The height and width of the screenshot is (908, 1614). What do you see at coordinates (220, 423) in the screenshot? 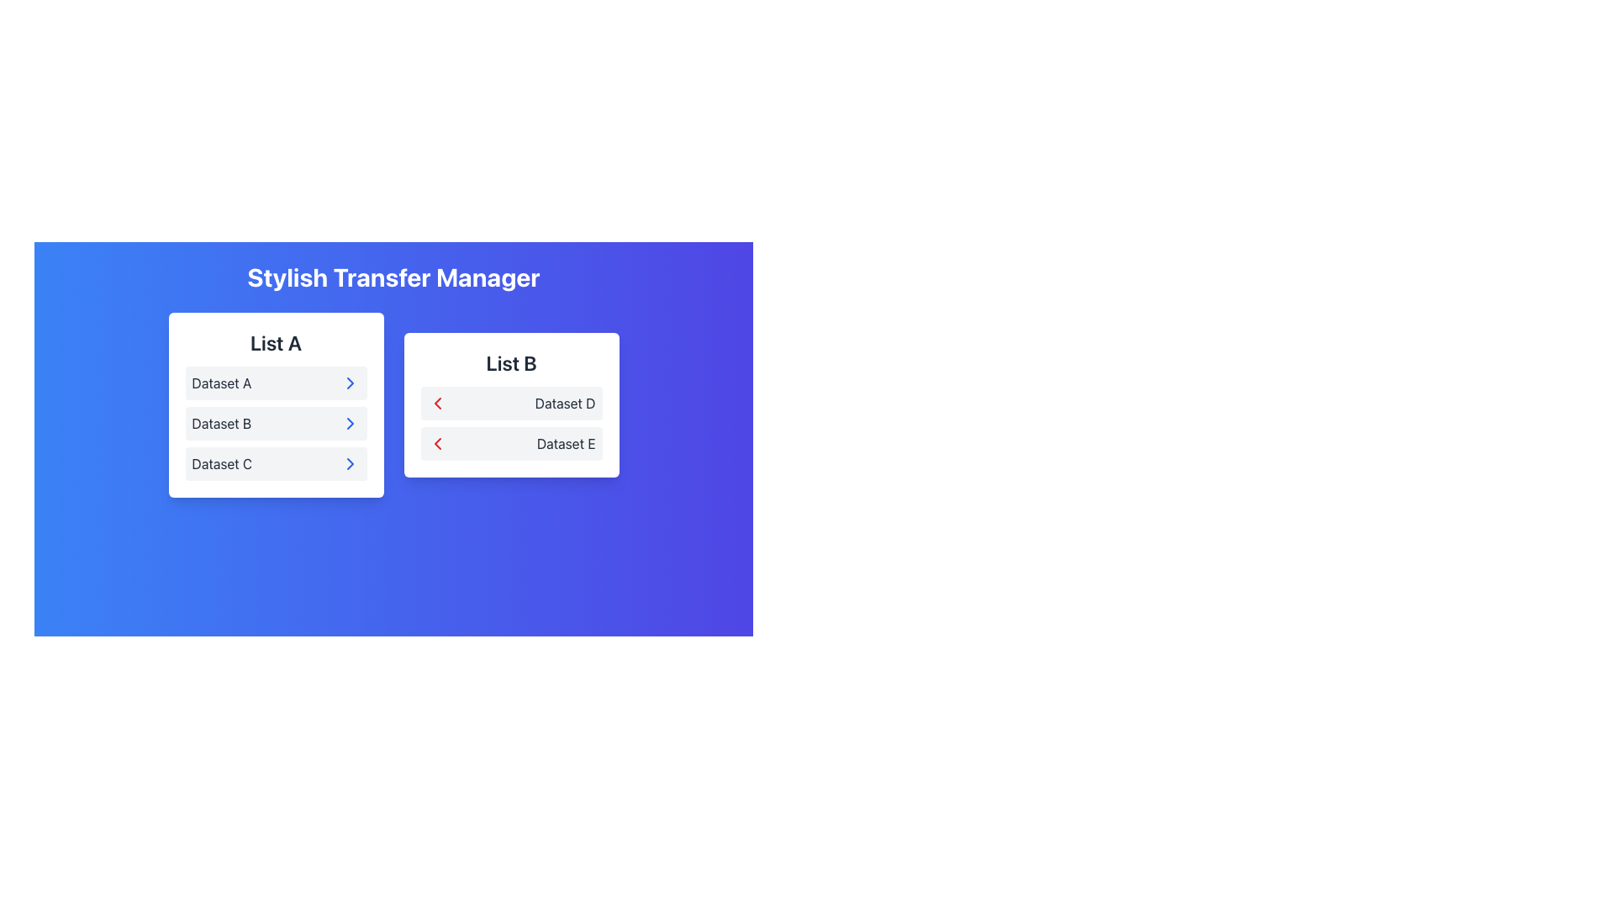
I see `the text label 'Dataset B', which is the second item in the vertically aligned list of three items in the left panel labeled 'List A'` at bounding box center [220, 423].